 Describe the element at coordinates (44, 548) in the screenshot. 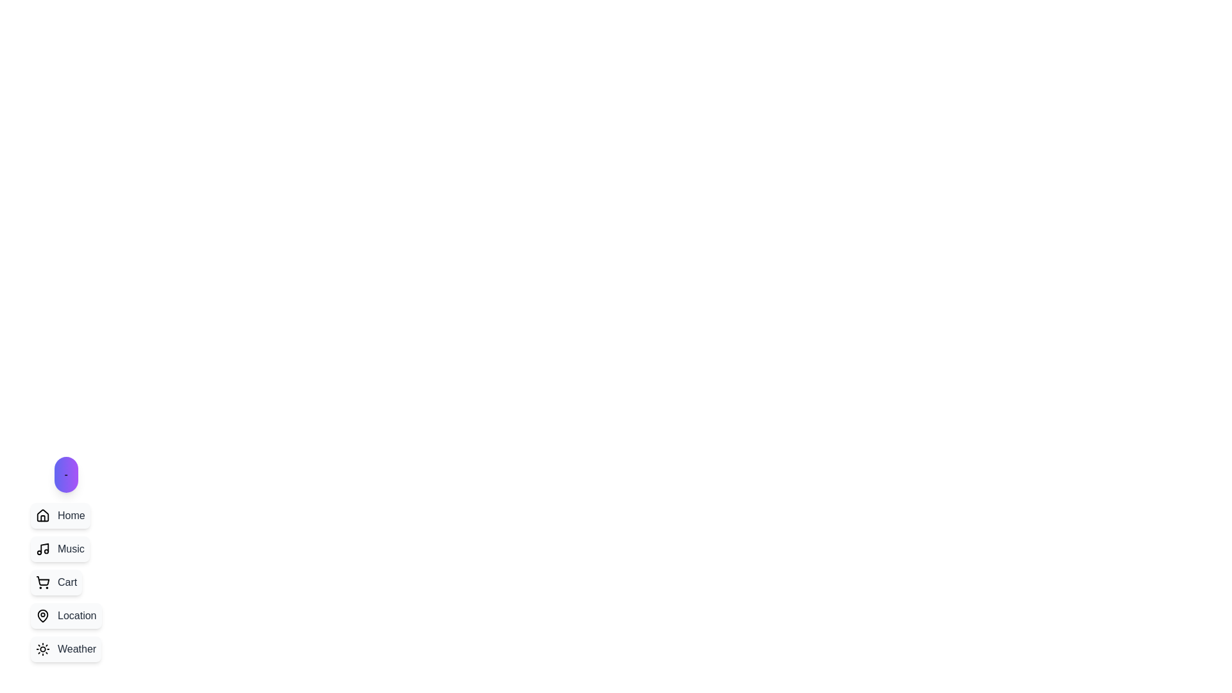

I see `the musical note icon located to the left of the 'Music' text in the vertical menu` at that location.